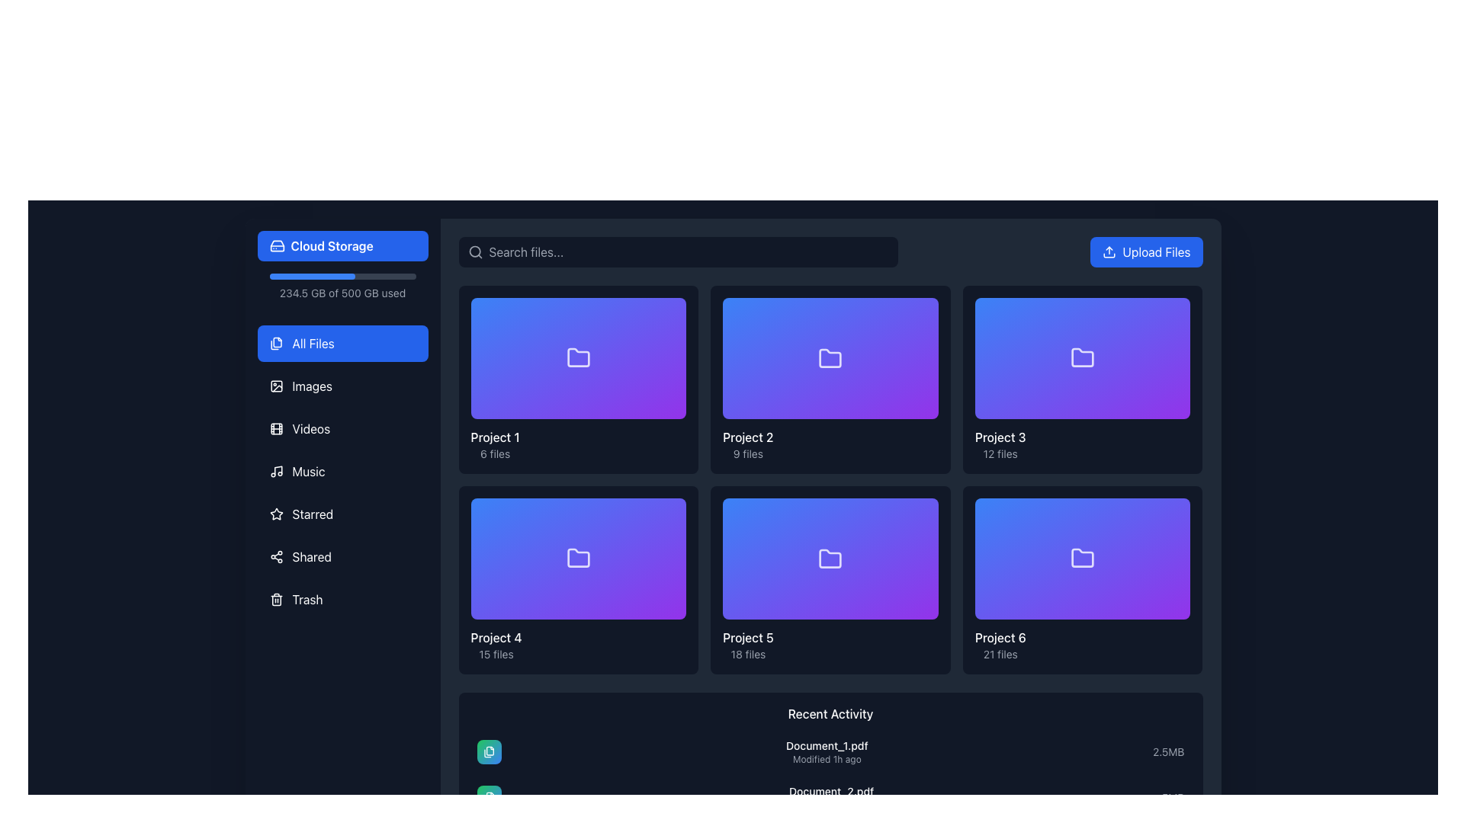 The width and height of the screenshot is (1464, 823). I want to click on the small circular button located in the top-right corner of the sixth card to change its opacity, so click(1174, 514).